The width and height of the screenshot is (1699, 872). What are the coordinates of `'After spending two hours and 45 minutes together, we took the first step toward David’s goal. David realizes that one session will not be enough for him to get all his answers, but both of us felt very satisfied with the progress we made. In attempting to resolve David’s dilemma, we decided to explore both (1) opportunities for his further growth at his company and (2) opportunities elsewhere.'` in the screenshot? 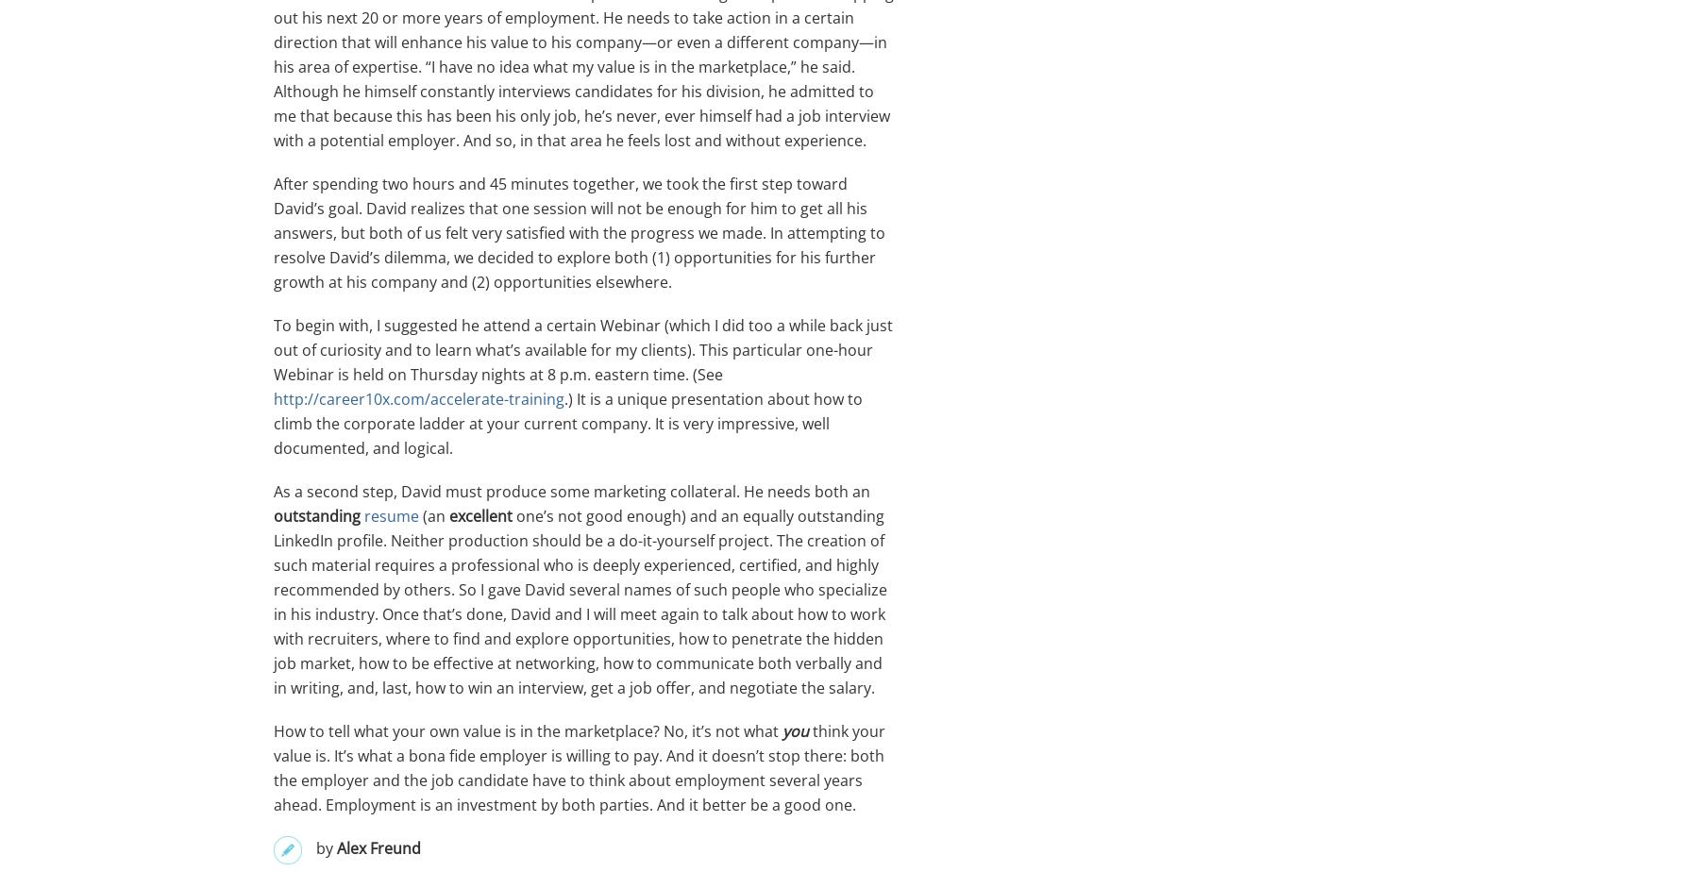 It's located at (579, 231).